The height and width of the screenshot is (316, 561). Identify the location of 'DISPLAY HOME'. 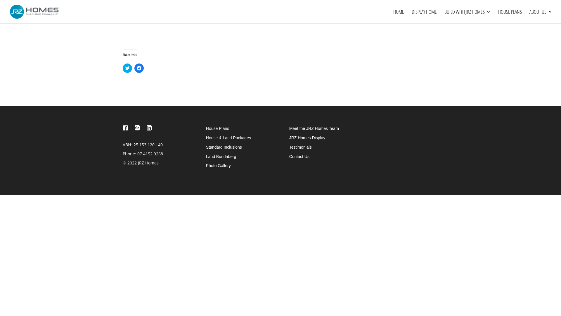
(424, 16).